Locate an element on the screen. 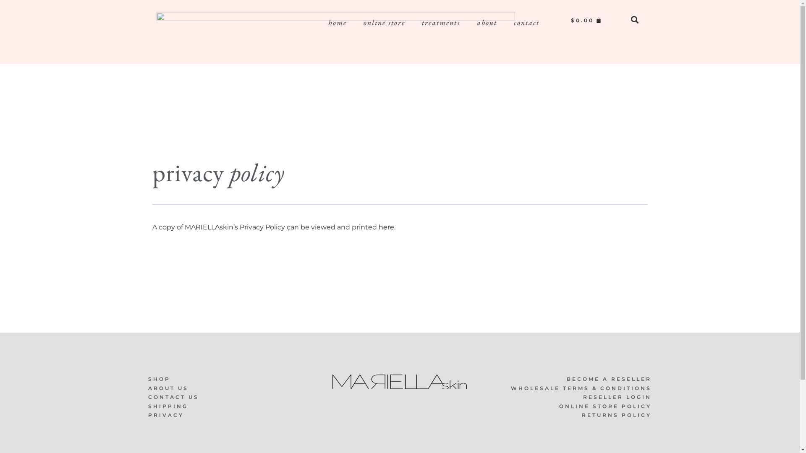 The image size is (806, 453). 'contact' is located at coordinates (526, 22).